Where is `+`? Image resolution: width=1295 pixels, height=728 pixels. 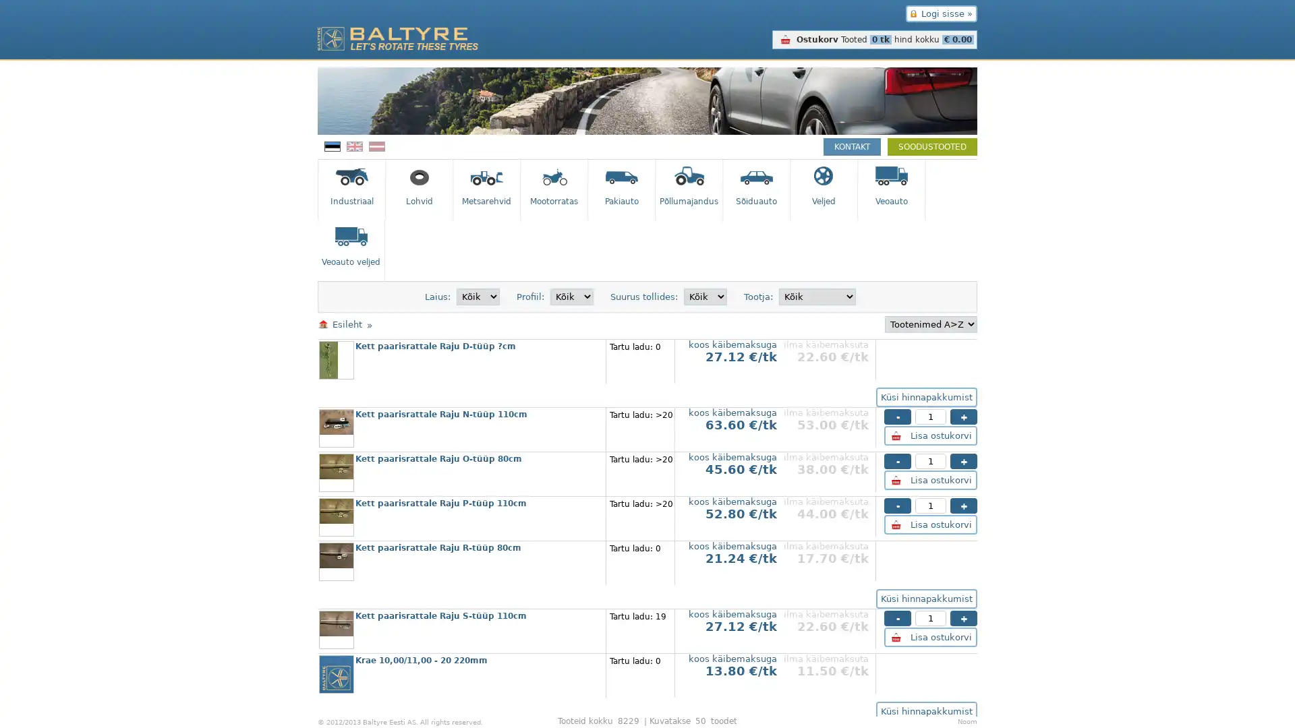
+ is located at coordinates (963, 460).